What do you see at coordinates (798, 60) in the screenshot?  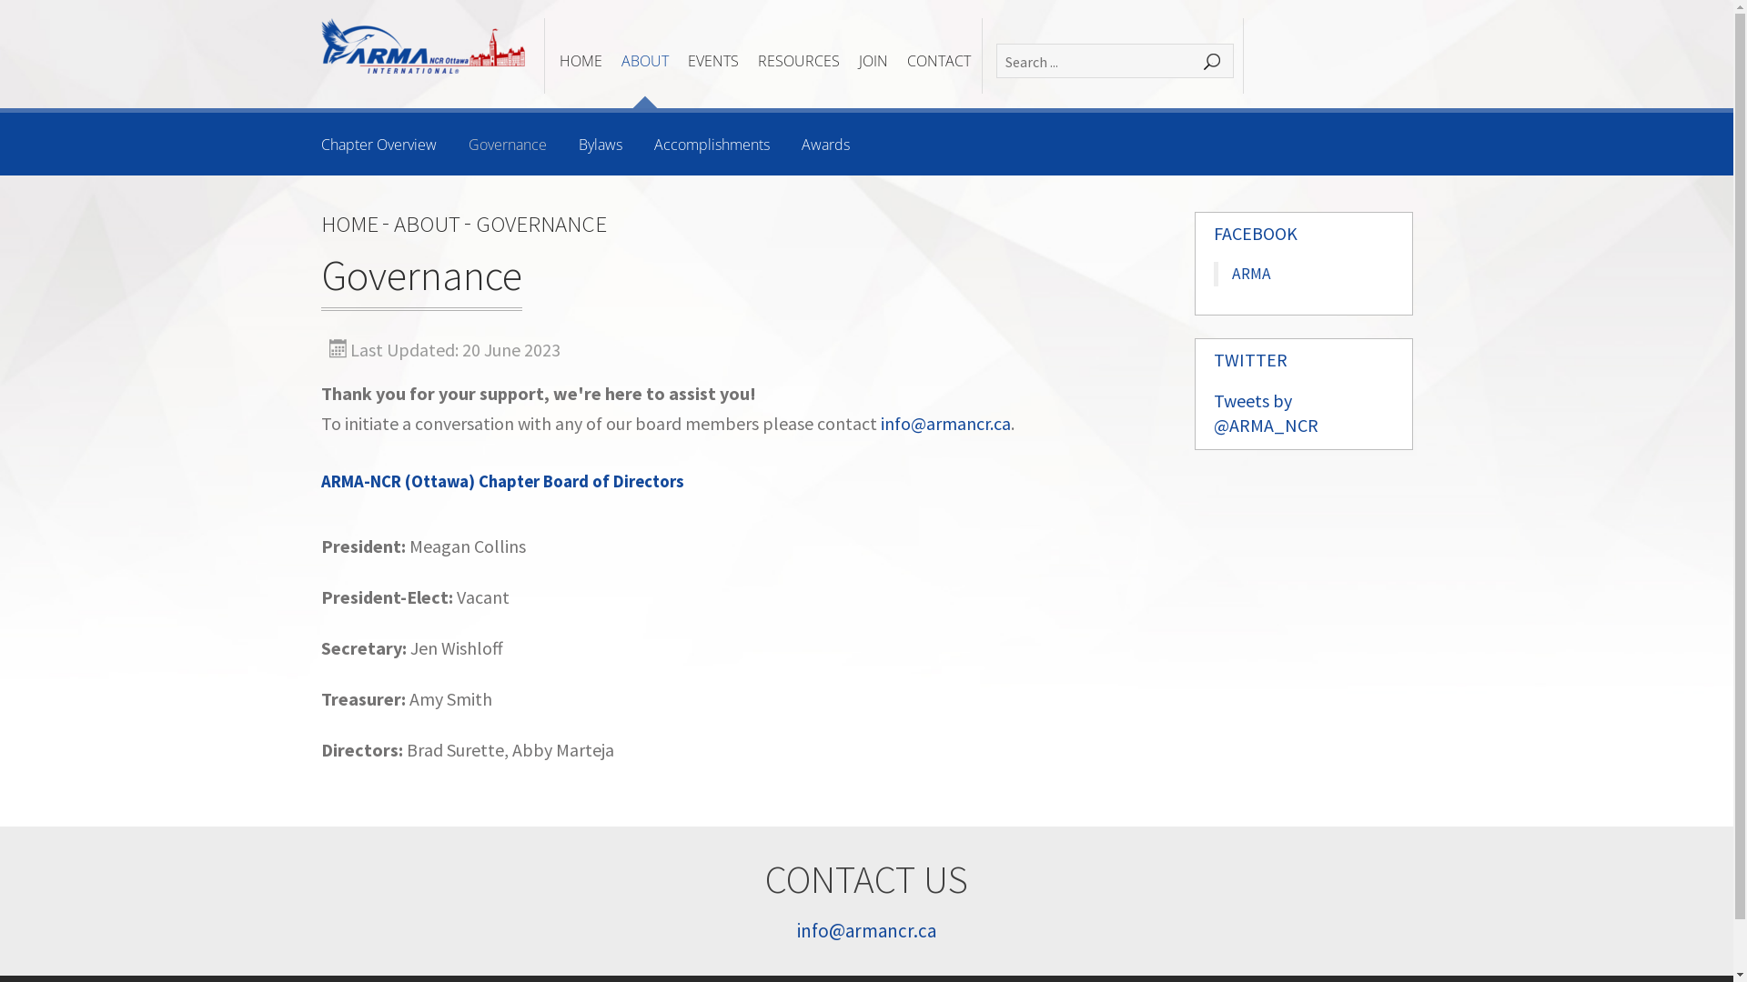 I see `'RESOURCES'` at bounding box center [798, 60].